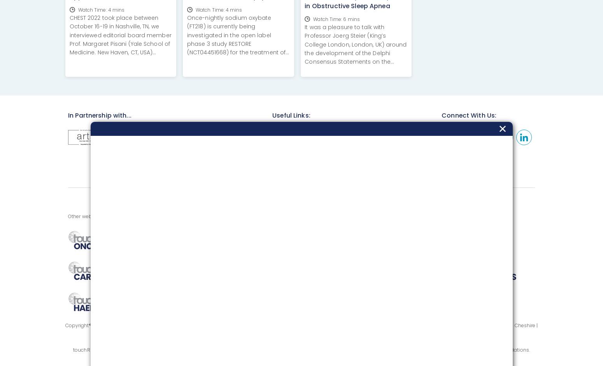 The image size is (603, 366). Describe the element at coordinates (301, 329) in the screenshot. I see `'Copyright® 2023 Touch Medical Media. Touch Medical Media Group Holdings Limited, a private limited company registered in England and Wales at Lancashire Gate | 21 Tiviot Dale | Stockport | Cheshire | SK1 1TD | UK with registered number 08197142.'` at that location.